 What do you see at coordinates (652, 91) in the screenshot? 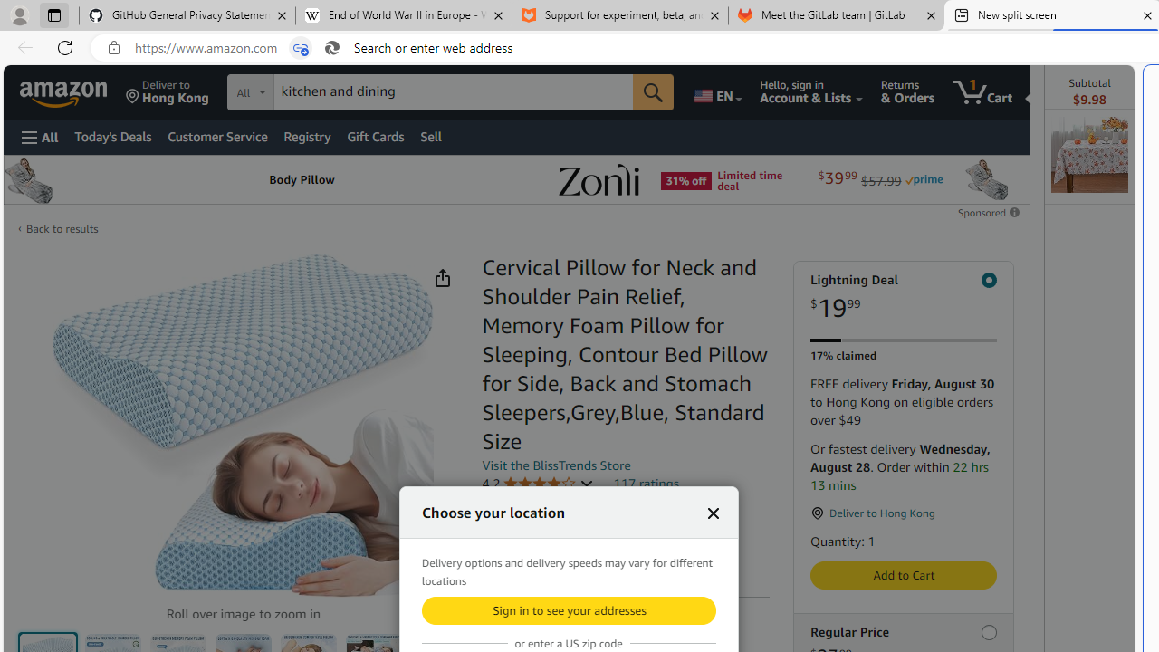
I see `'Go'` at bounding box center [652, 91].